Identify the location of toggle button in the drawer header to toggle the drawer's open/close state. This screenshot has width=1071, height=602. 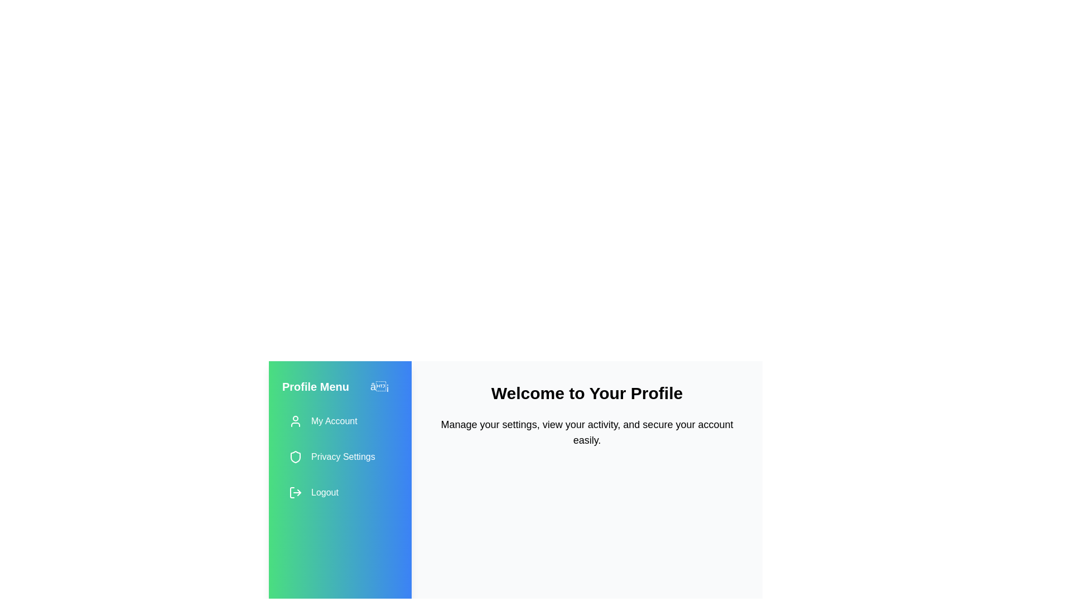
(379, 386).